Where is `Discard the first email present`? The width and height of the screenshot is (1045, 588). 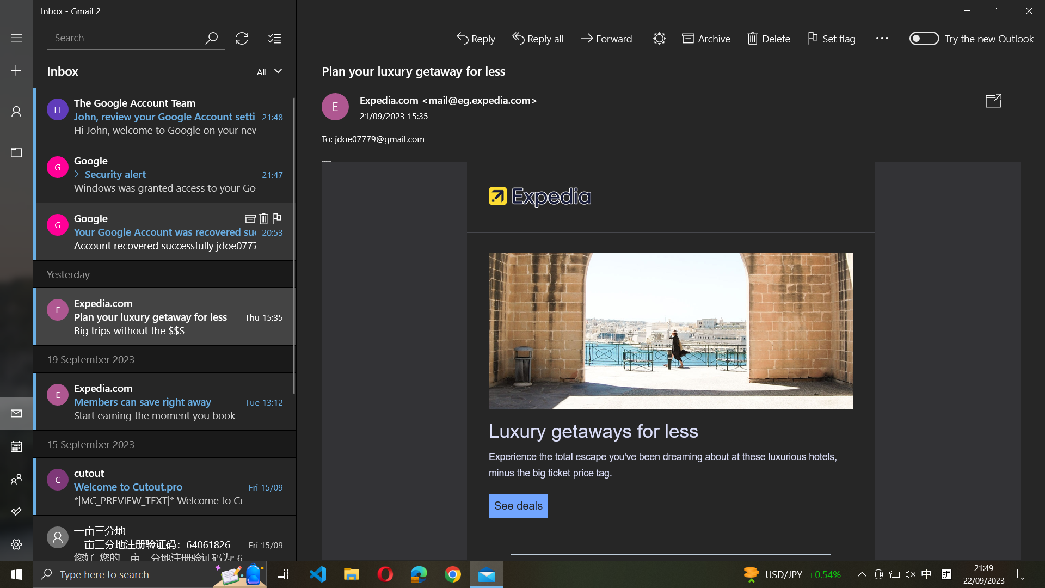 Discard the first email present is located at coordinates (164, 115).